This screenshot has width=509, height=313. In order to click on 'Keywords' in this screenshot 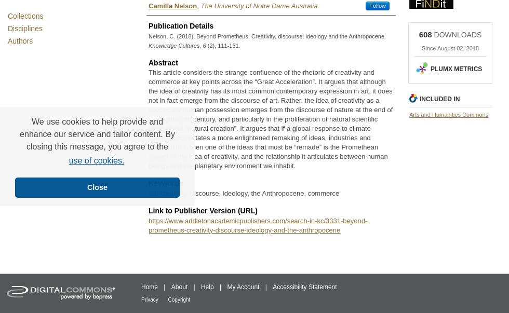, I will do `click(165, 182)`.